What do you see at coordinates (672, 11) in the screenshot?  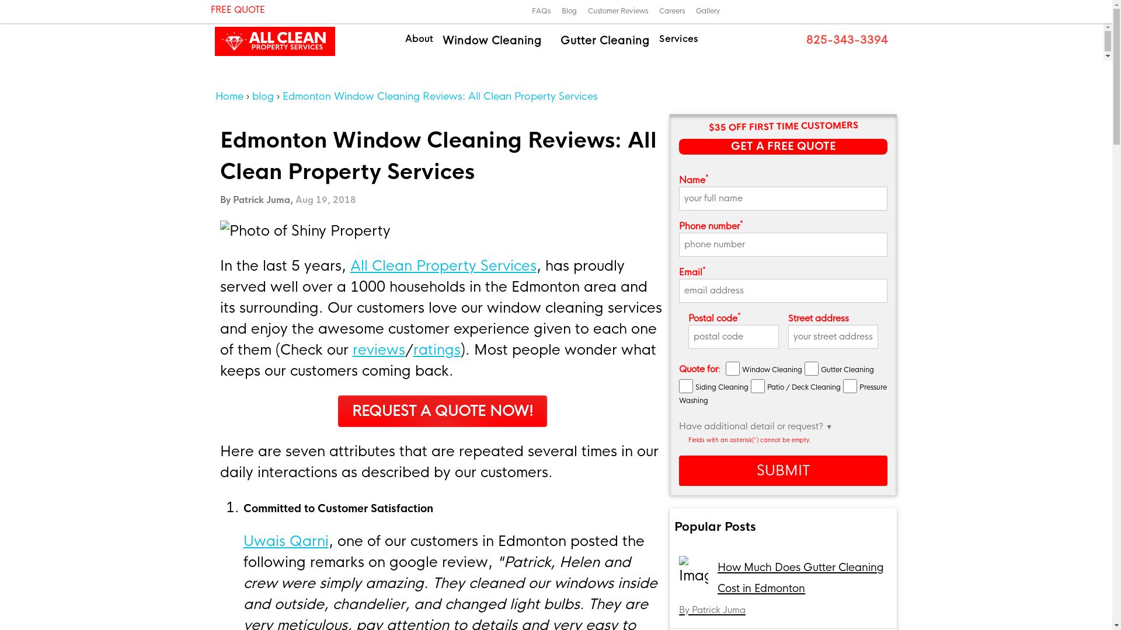 I see `'Careers'` at bounding box center [672, 11].